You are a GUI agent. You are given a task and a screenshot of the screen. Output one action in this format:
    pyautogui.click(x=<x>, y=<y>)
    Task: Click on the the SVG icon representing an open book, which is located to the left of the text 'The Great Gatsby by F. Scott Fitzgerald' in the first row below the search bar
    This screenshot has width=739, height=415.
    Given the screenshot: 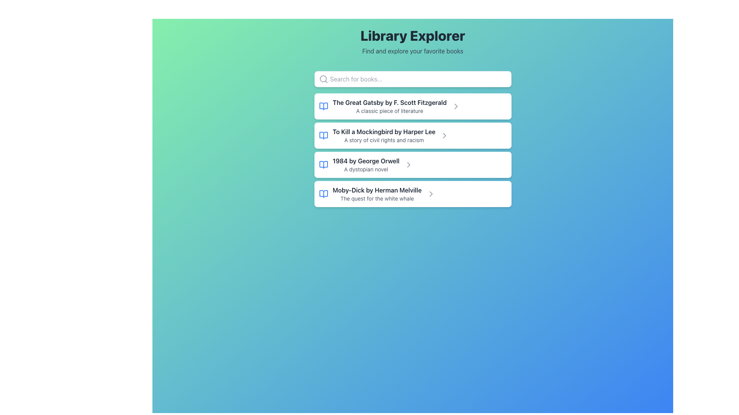 What is the action you would take?
    pyautogui.click(x=323, y=106)
    